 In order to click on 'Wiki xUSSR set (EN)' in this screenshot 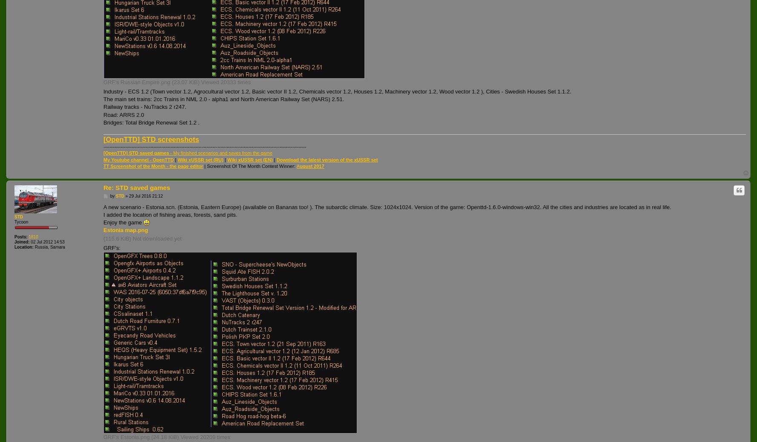, I will do `click(249, 159)`.